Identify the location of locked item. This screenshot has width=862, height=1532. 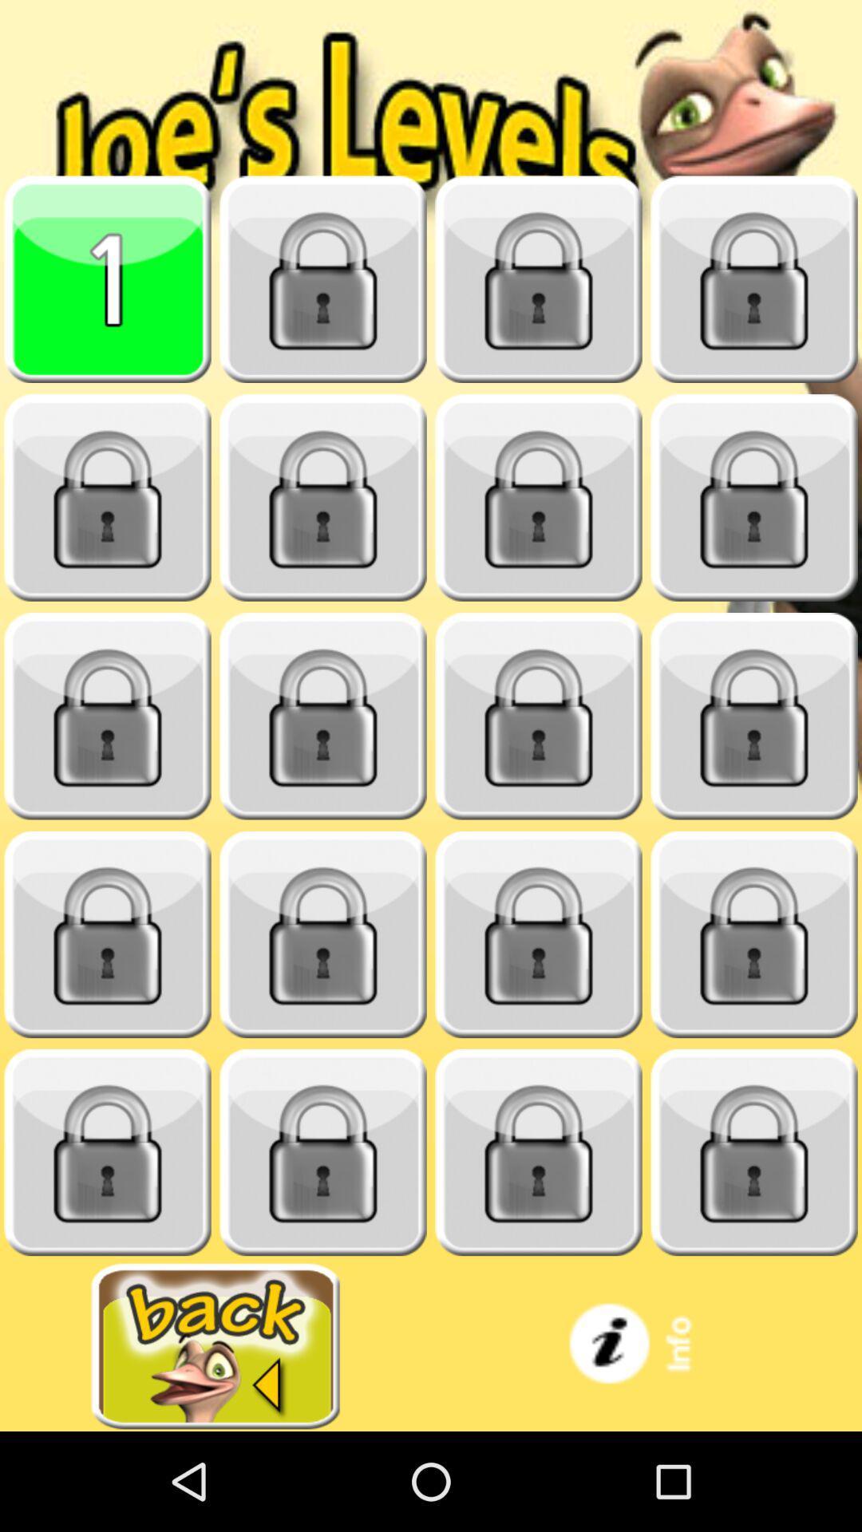
(539, 934).